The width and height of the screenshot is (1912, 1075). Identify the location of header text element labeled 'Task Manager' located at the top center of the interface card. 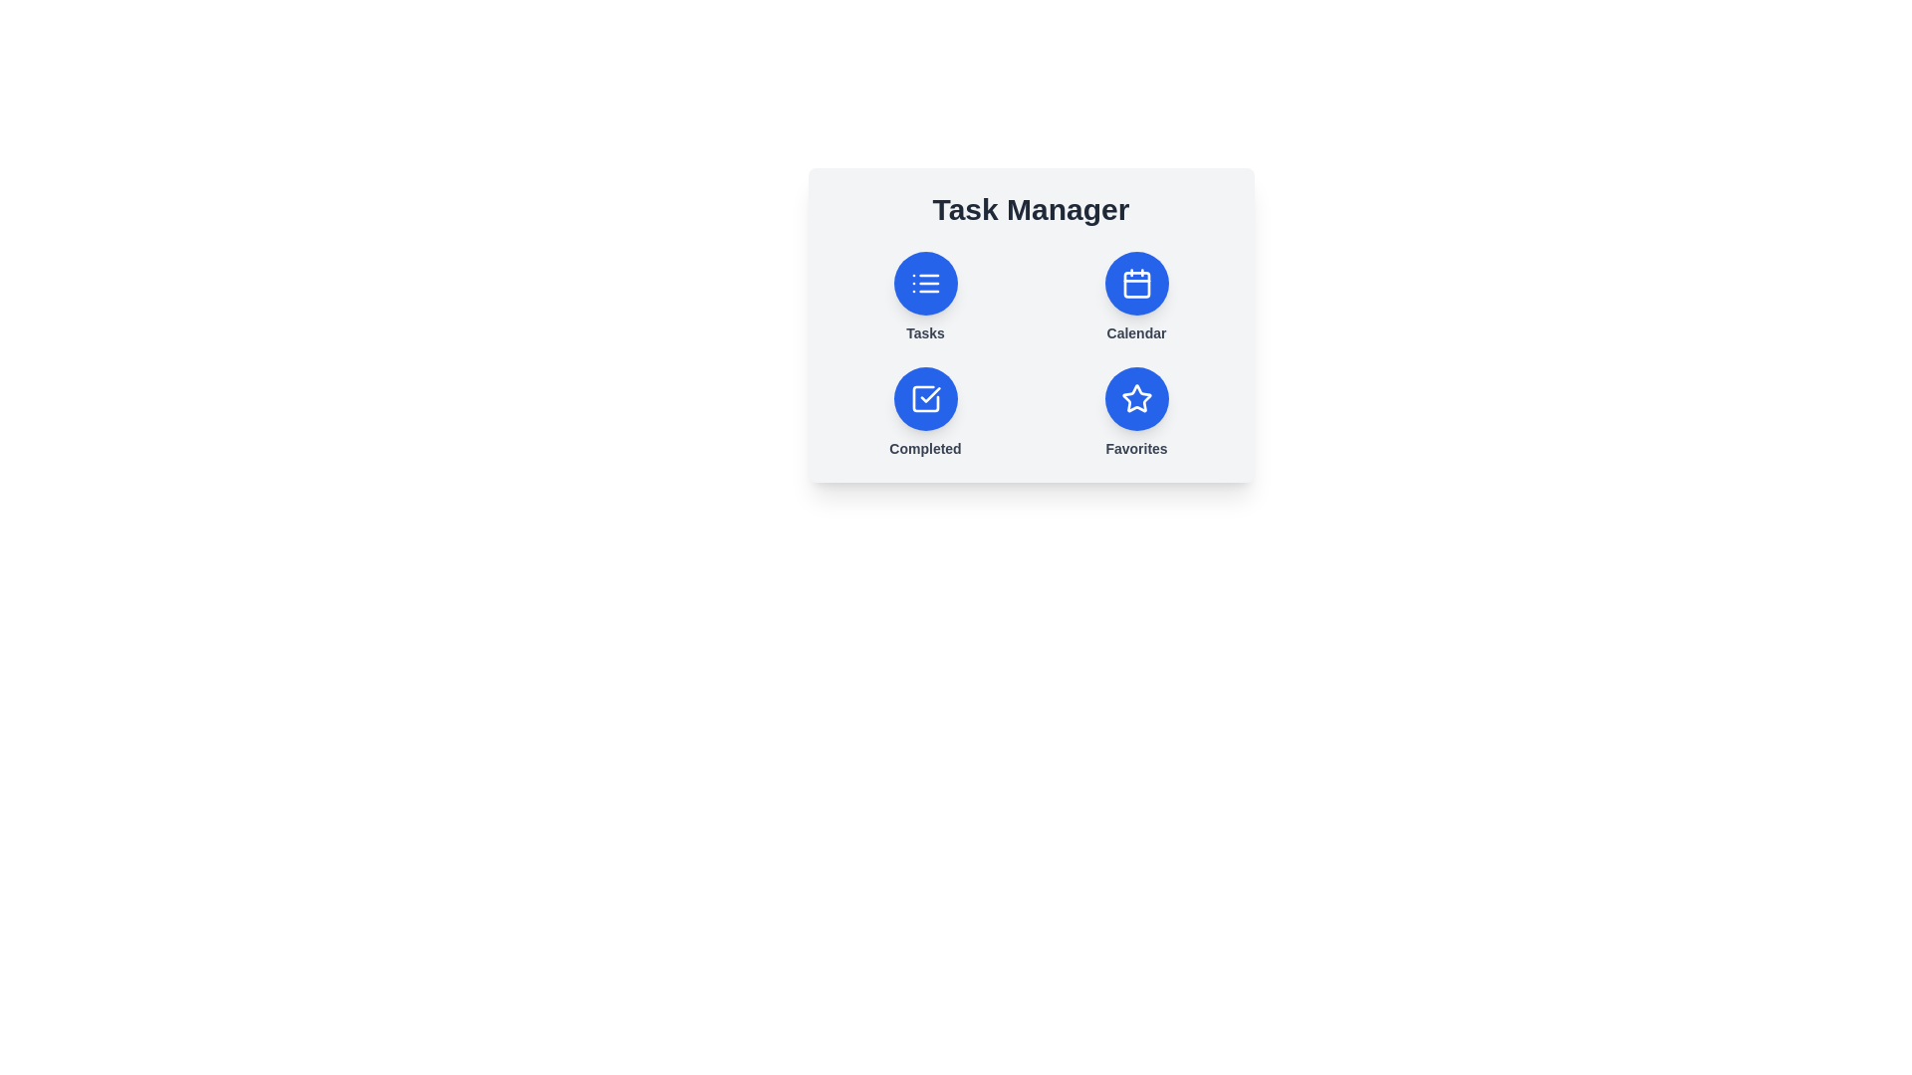
(1031, 210).